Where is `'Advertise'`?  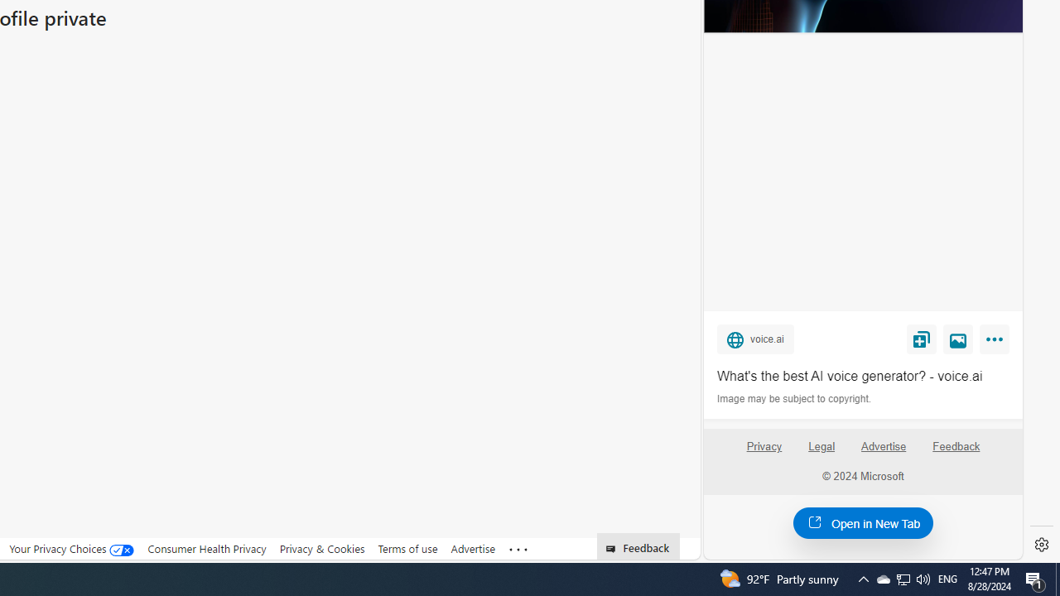 'Advertise' is located at coordinates (882, 445).